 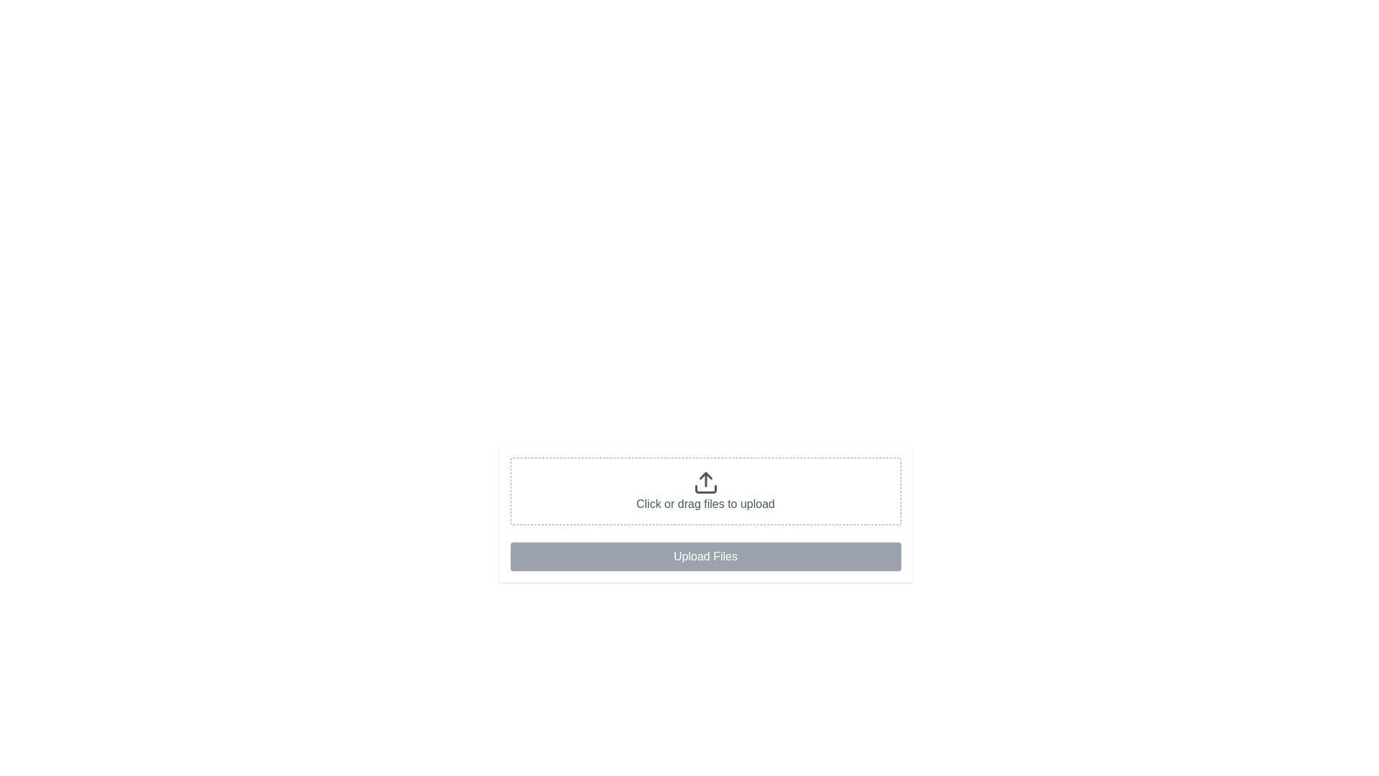 What do you see at coordinates (705, 490) in the screenshot?
I see `files into the File Upload Drop Zone, which is visually represented by a dashed rectangular area with rounded corners and a light gray border, featuring an upward-pointing arrow icon and the text label 'Click or drag files` at bounding box center [705, 490].